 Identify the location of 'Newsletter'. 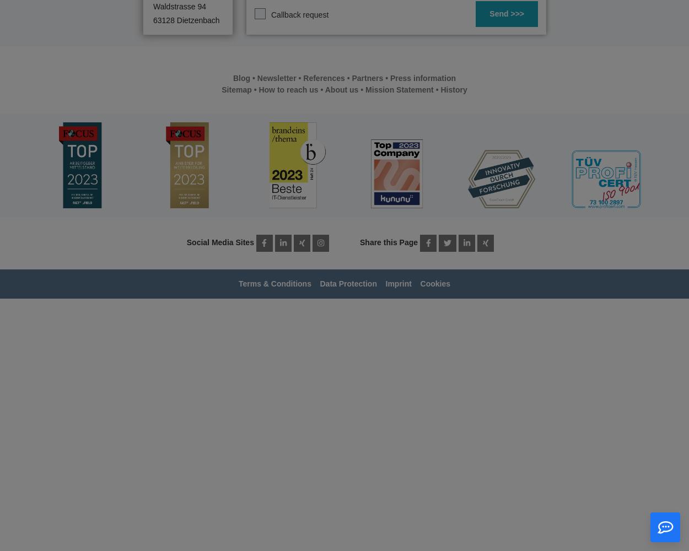
(276, 78).